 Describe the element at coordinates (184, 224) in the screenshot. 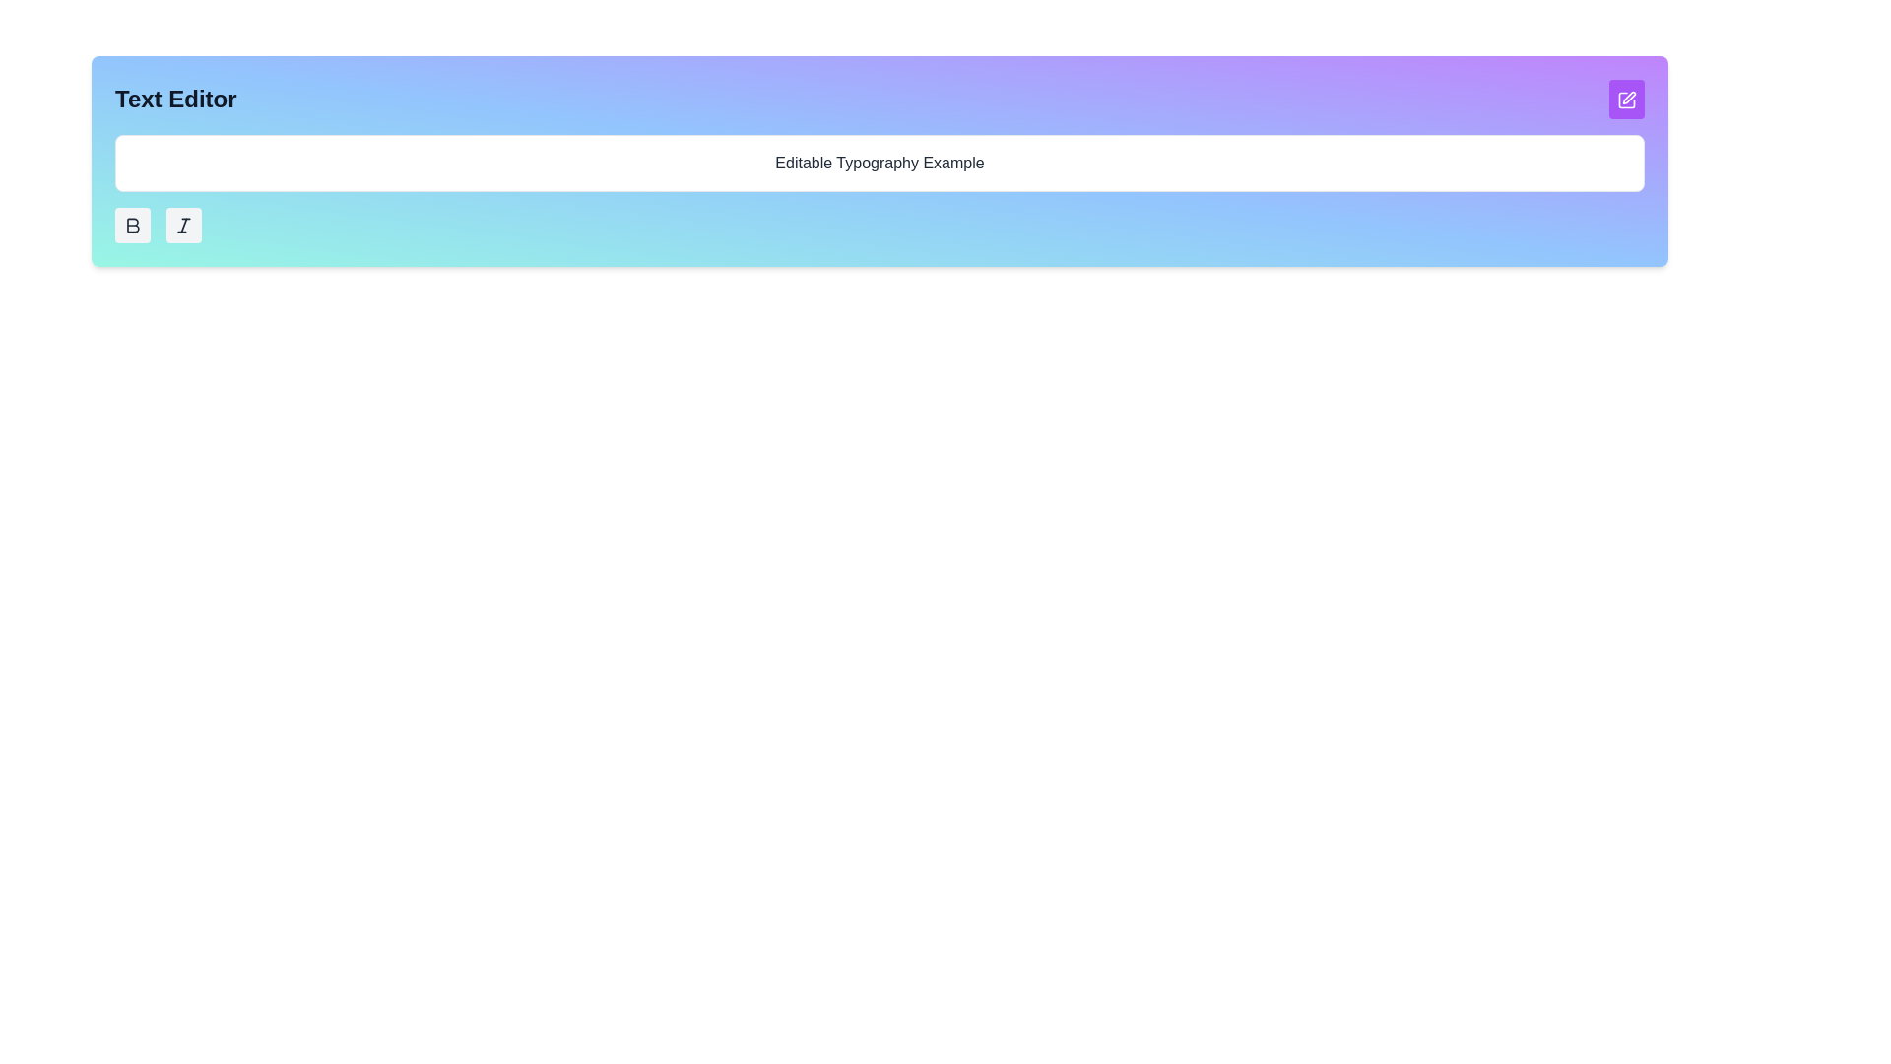

I see `the rounded button with a light gray background and an italicized 'I' icon` at that location.